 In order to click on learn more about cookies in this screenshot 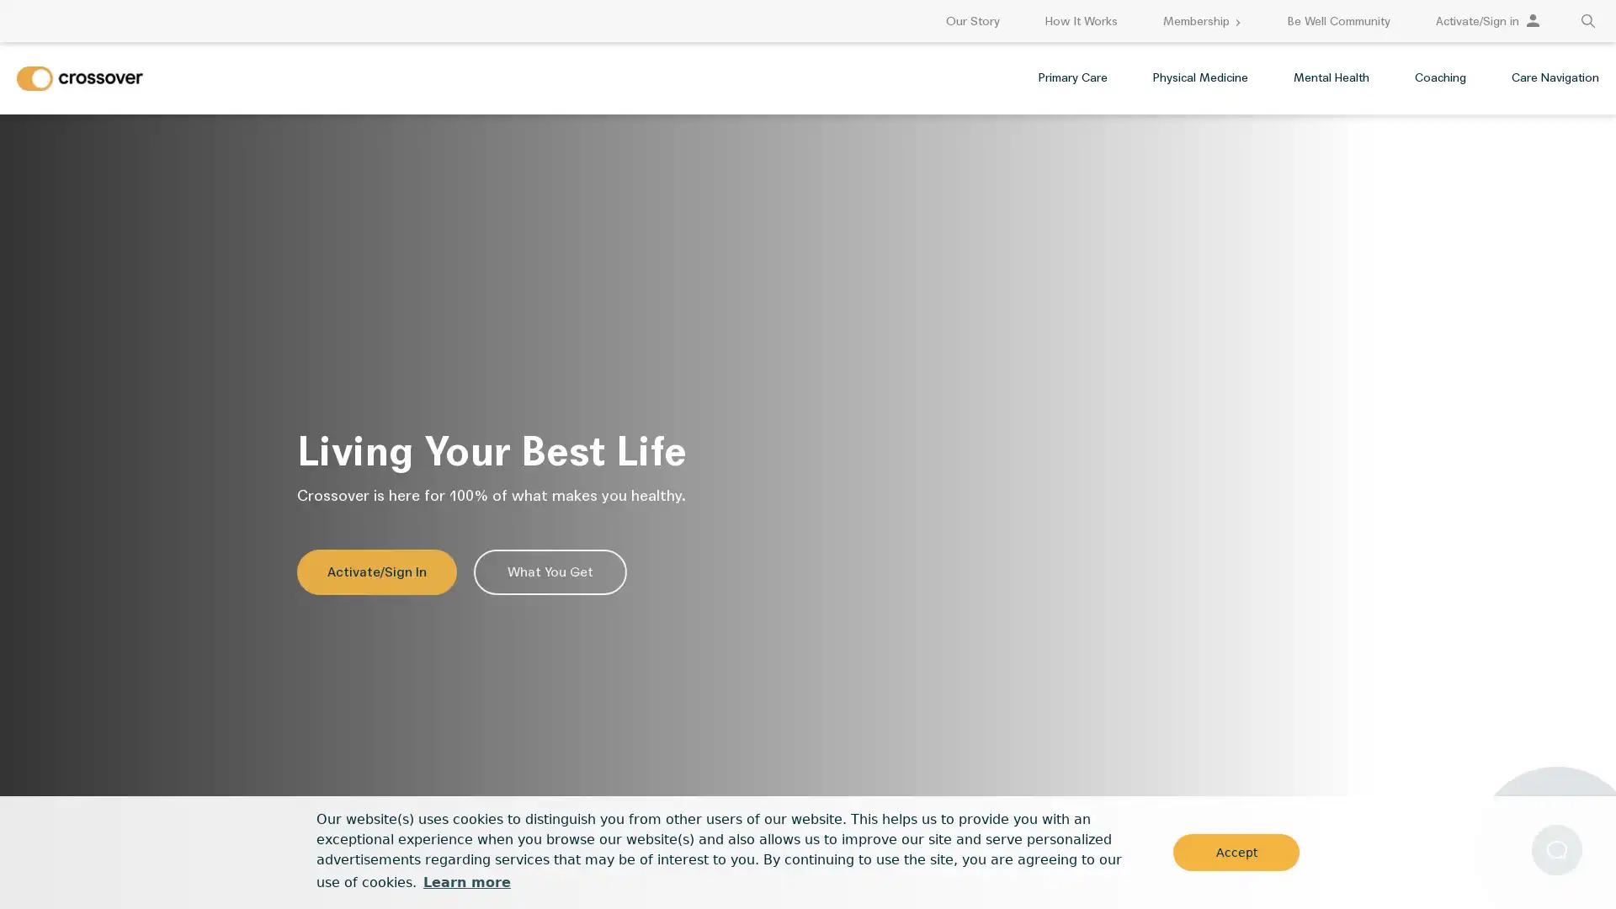, I will do `click(466, 881)`.